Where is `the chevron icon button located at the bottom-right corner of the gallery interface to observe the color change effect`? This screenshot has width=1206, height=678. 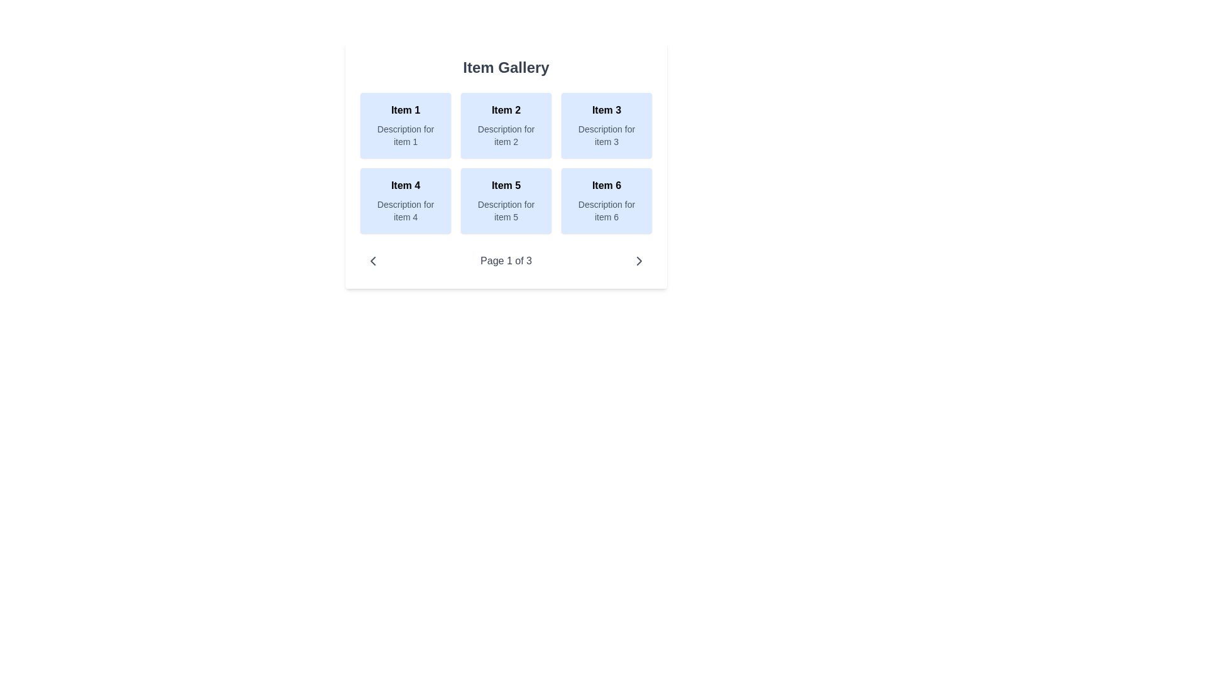 the chevron icon button located at the bottom-right corner of the gallery interface to observe the color change effect is located at coordinates (639, 261).